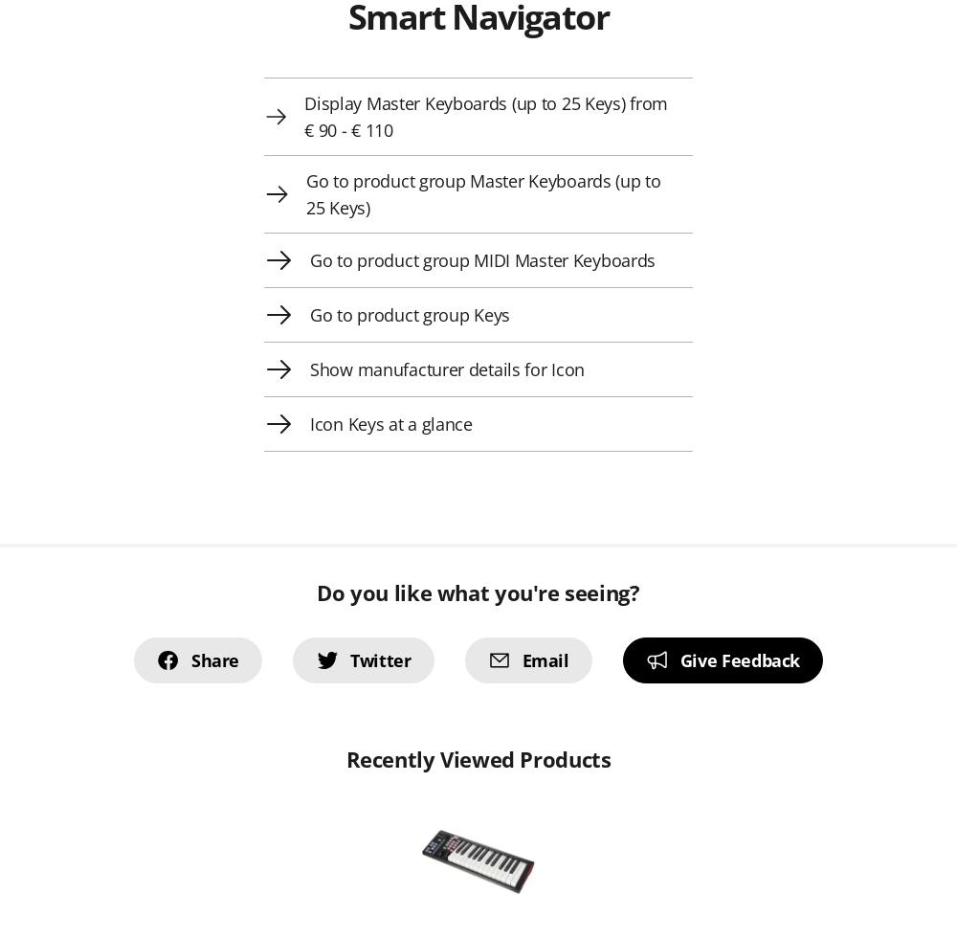 This screenshot has height=939, width=957. Describe the element at coordinates (380, 660) in the screenshot. I see `'Twitter'` at that location.